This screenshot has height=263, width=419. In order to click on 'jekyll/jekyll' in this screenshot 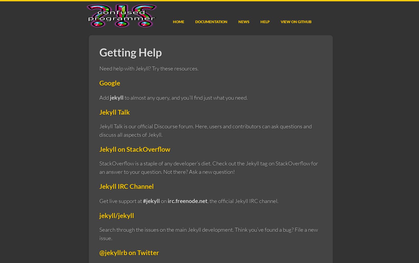, I will do `click(116, 215)`.